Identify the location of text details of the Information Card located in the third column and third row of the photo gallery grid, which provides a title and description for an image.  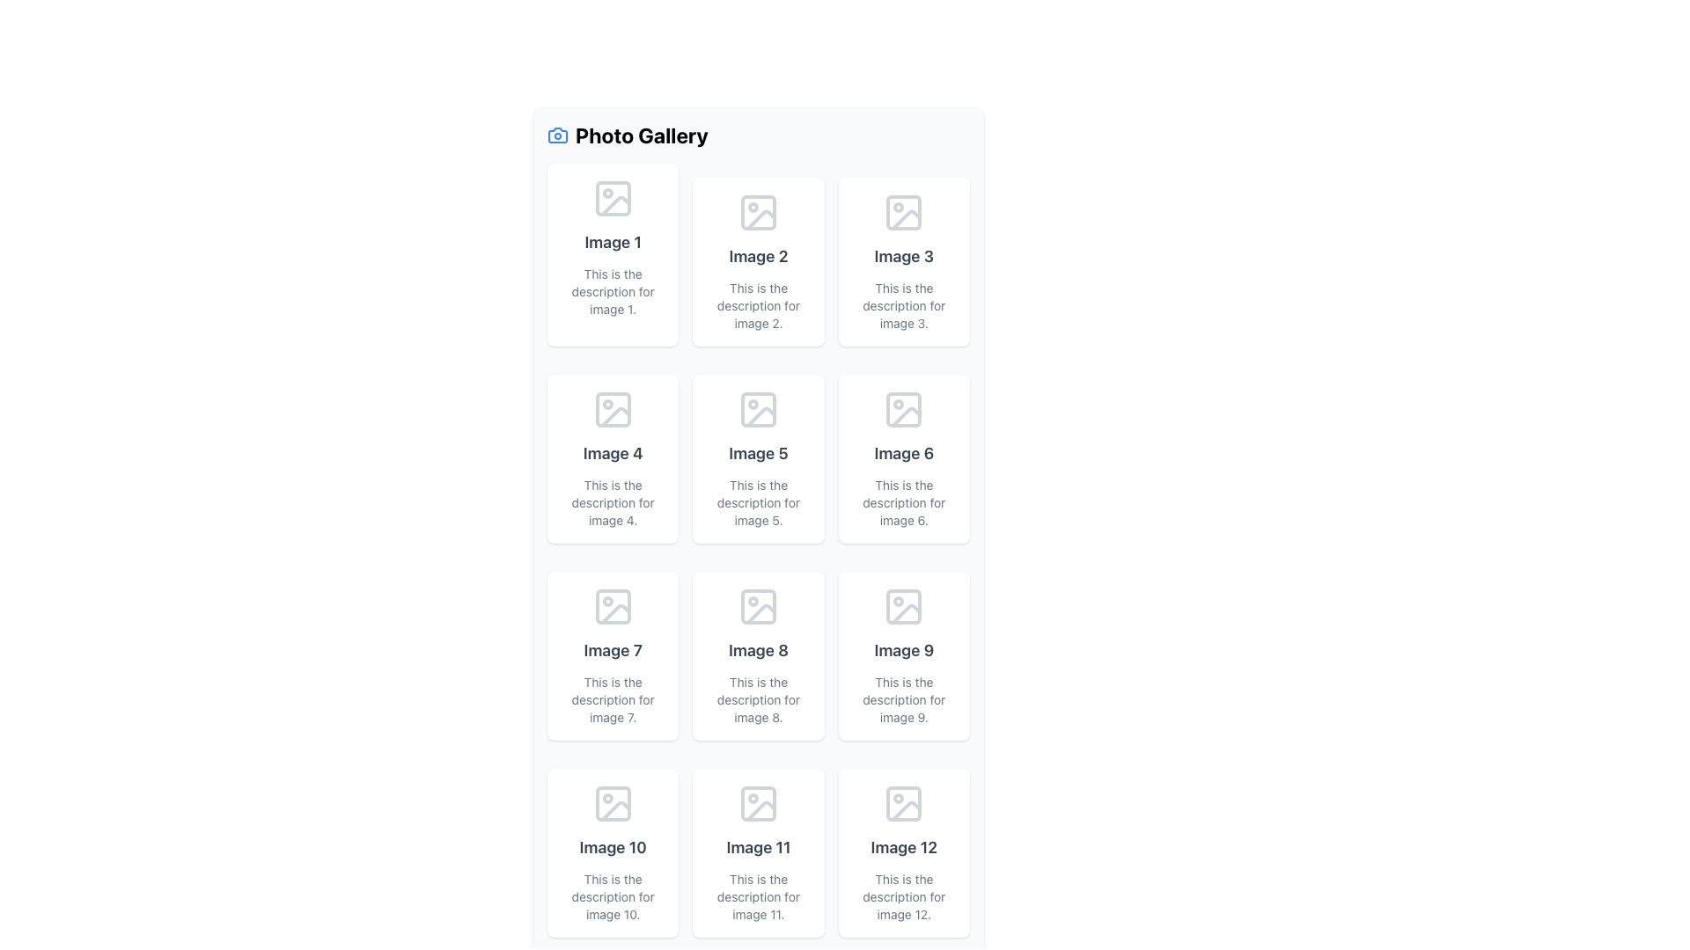
(904, 655).